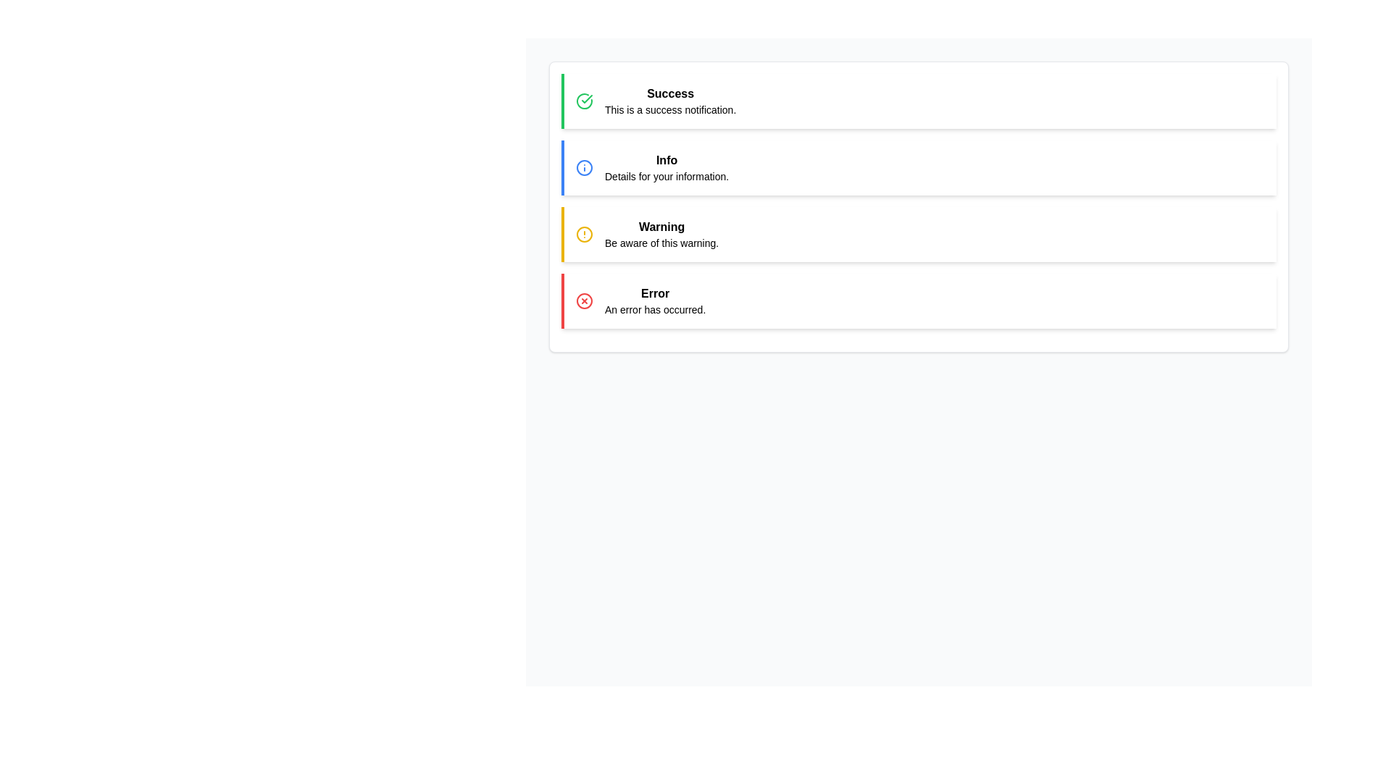 Image resolution: width=1391 pixels, height=782 pixels. I want to click on the text label indicating a successful operation, located at the top-left corner of the notification card, so click(669, 94).